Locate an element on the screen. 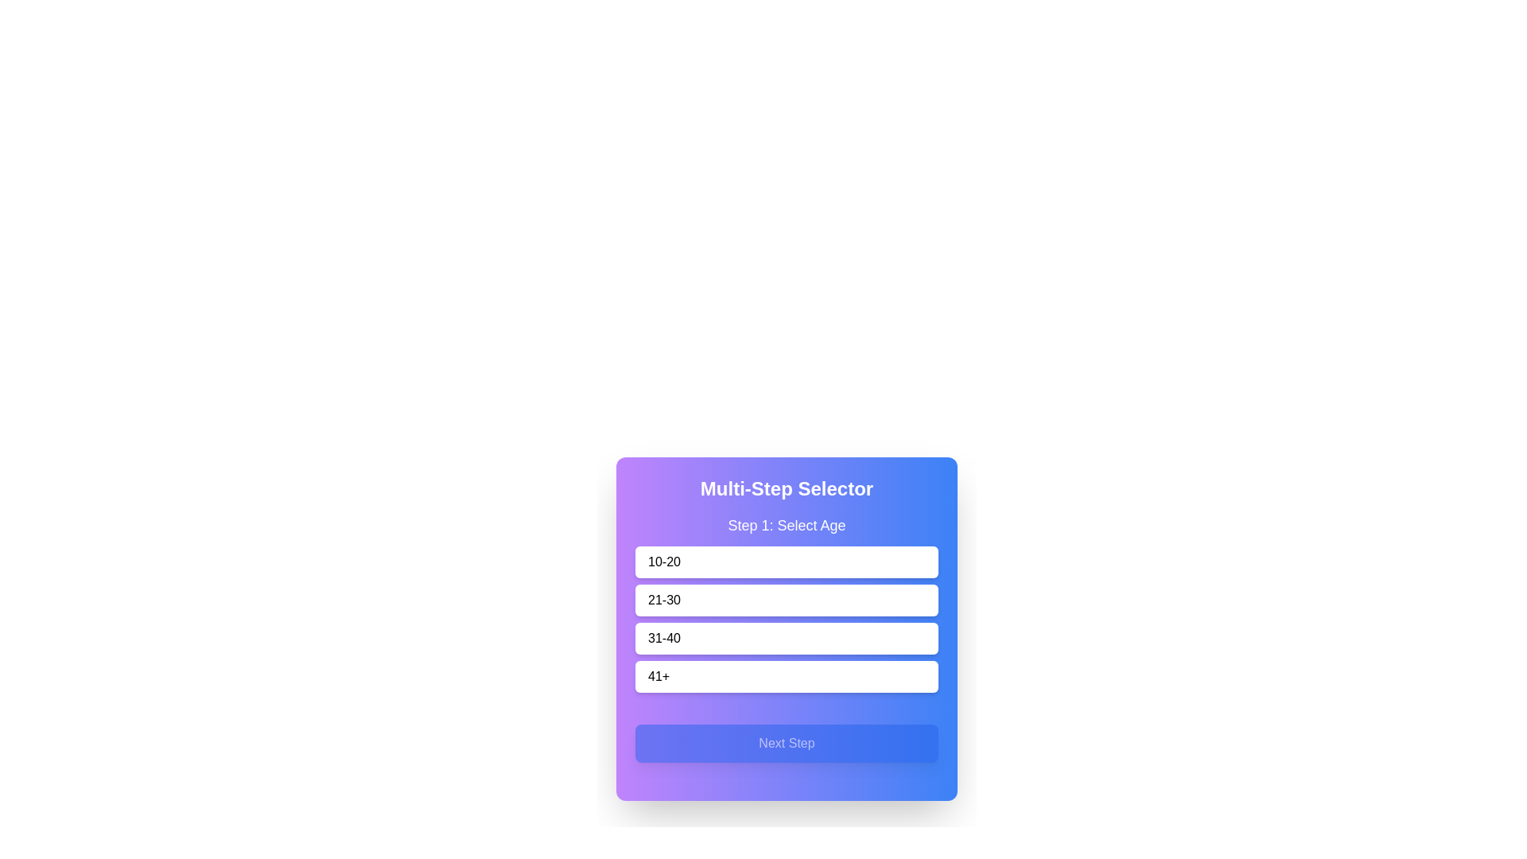 This screenshot has height=859, width=1527. the '31-40' selectable option button in the age range list is located at coordinates (787, 637).